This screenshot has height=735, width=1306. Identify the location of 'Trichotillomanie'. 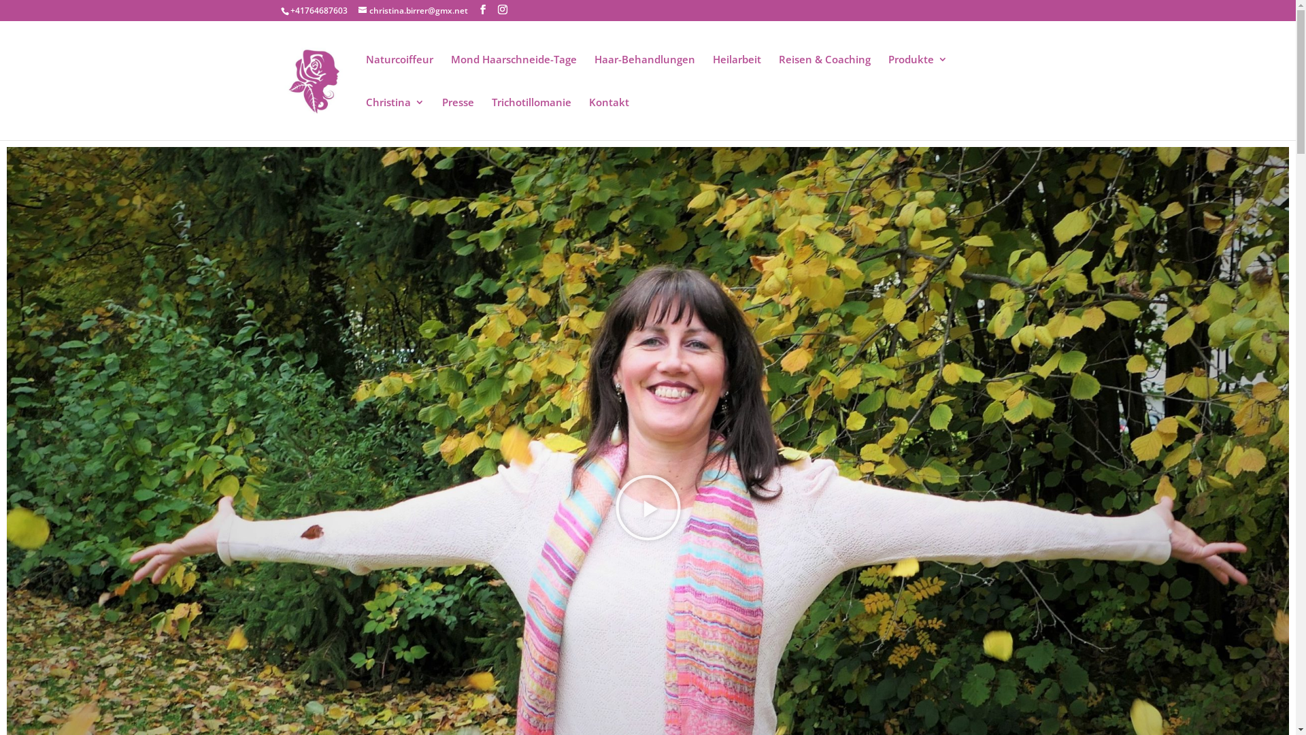
(530, 118).